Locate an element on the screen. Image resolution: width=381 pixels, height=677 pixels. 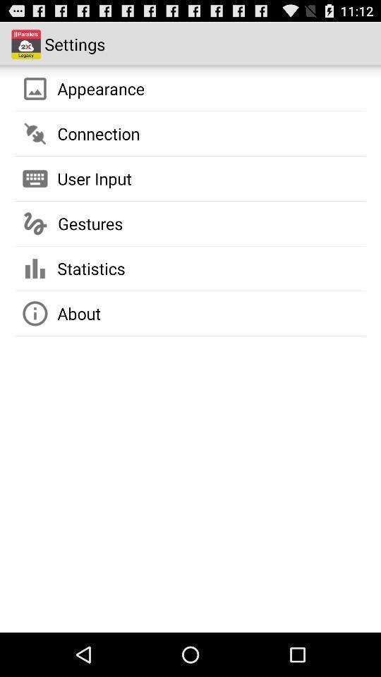
appearance is located at coordinates (100, 87).